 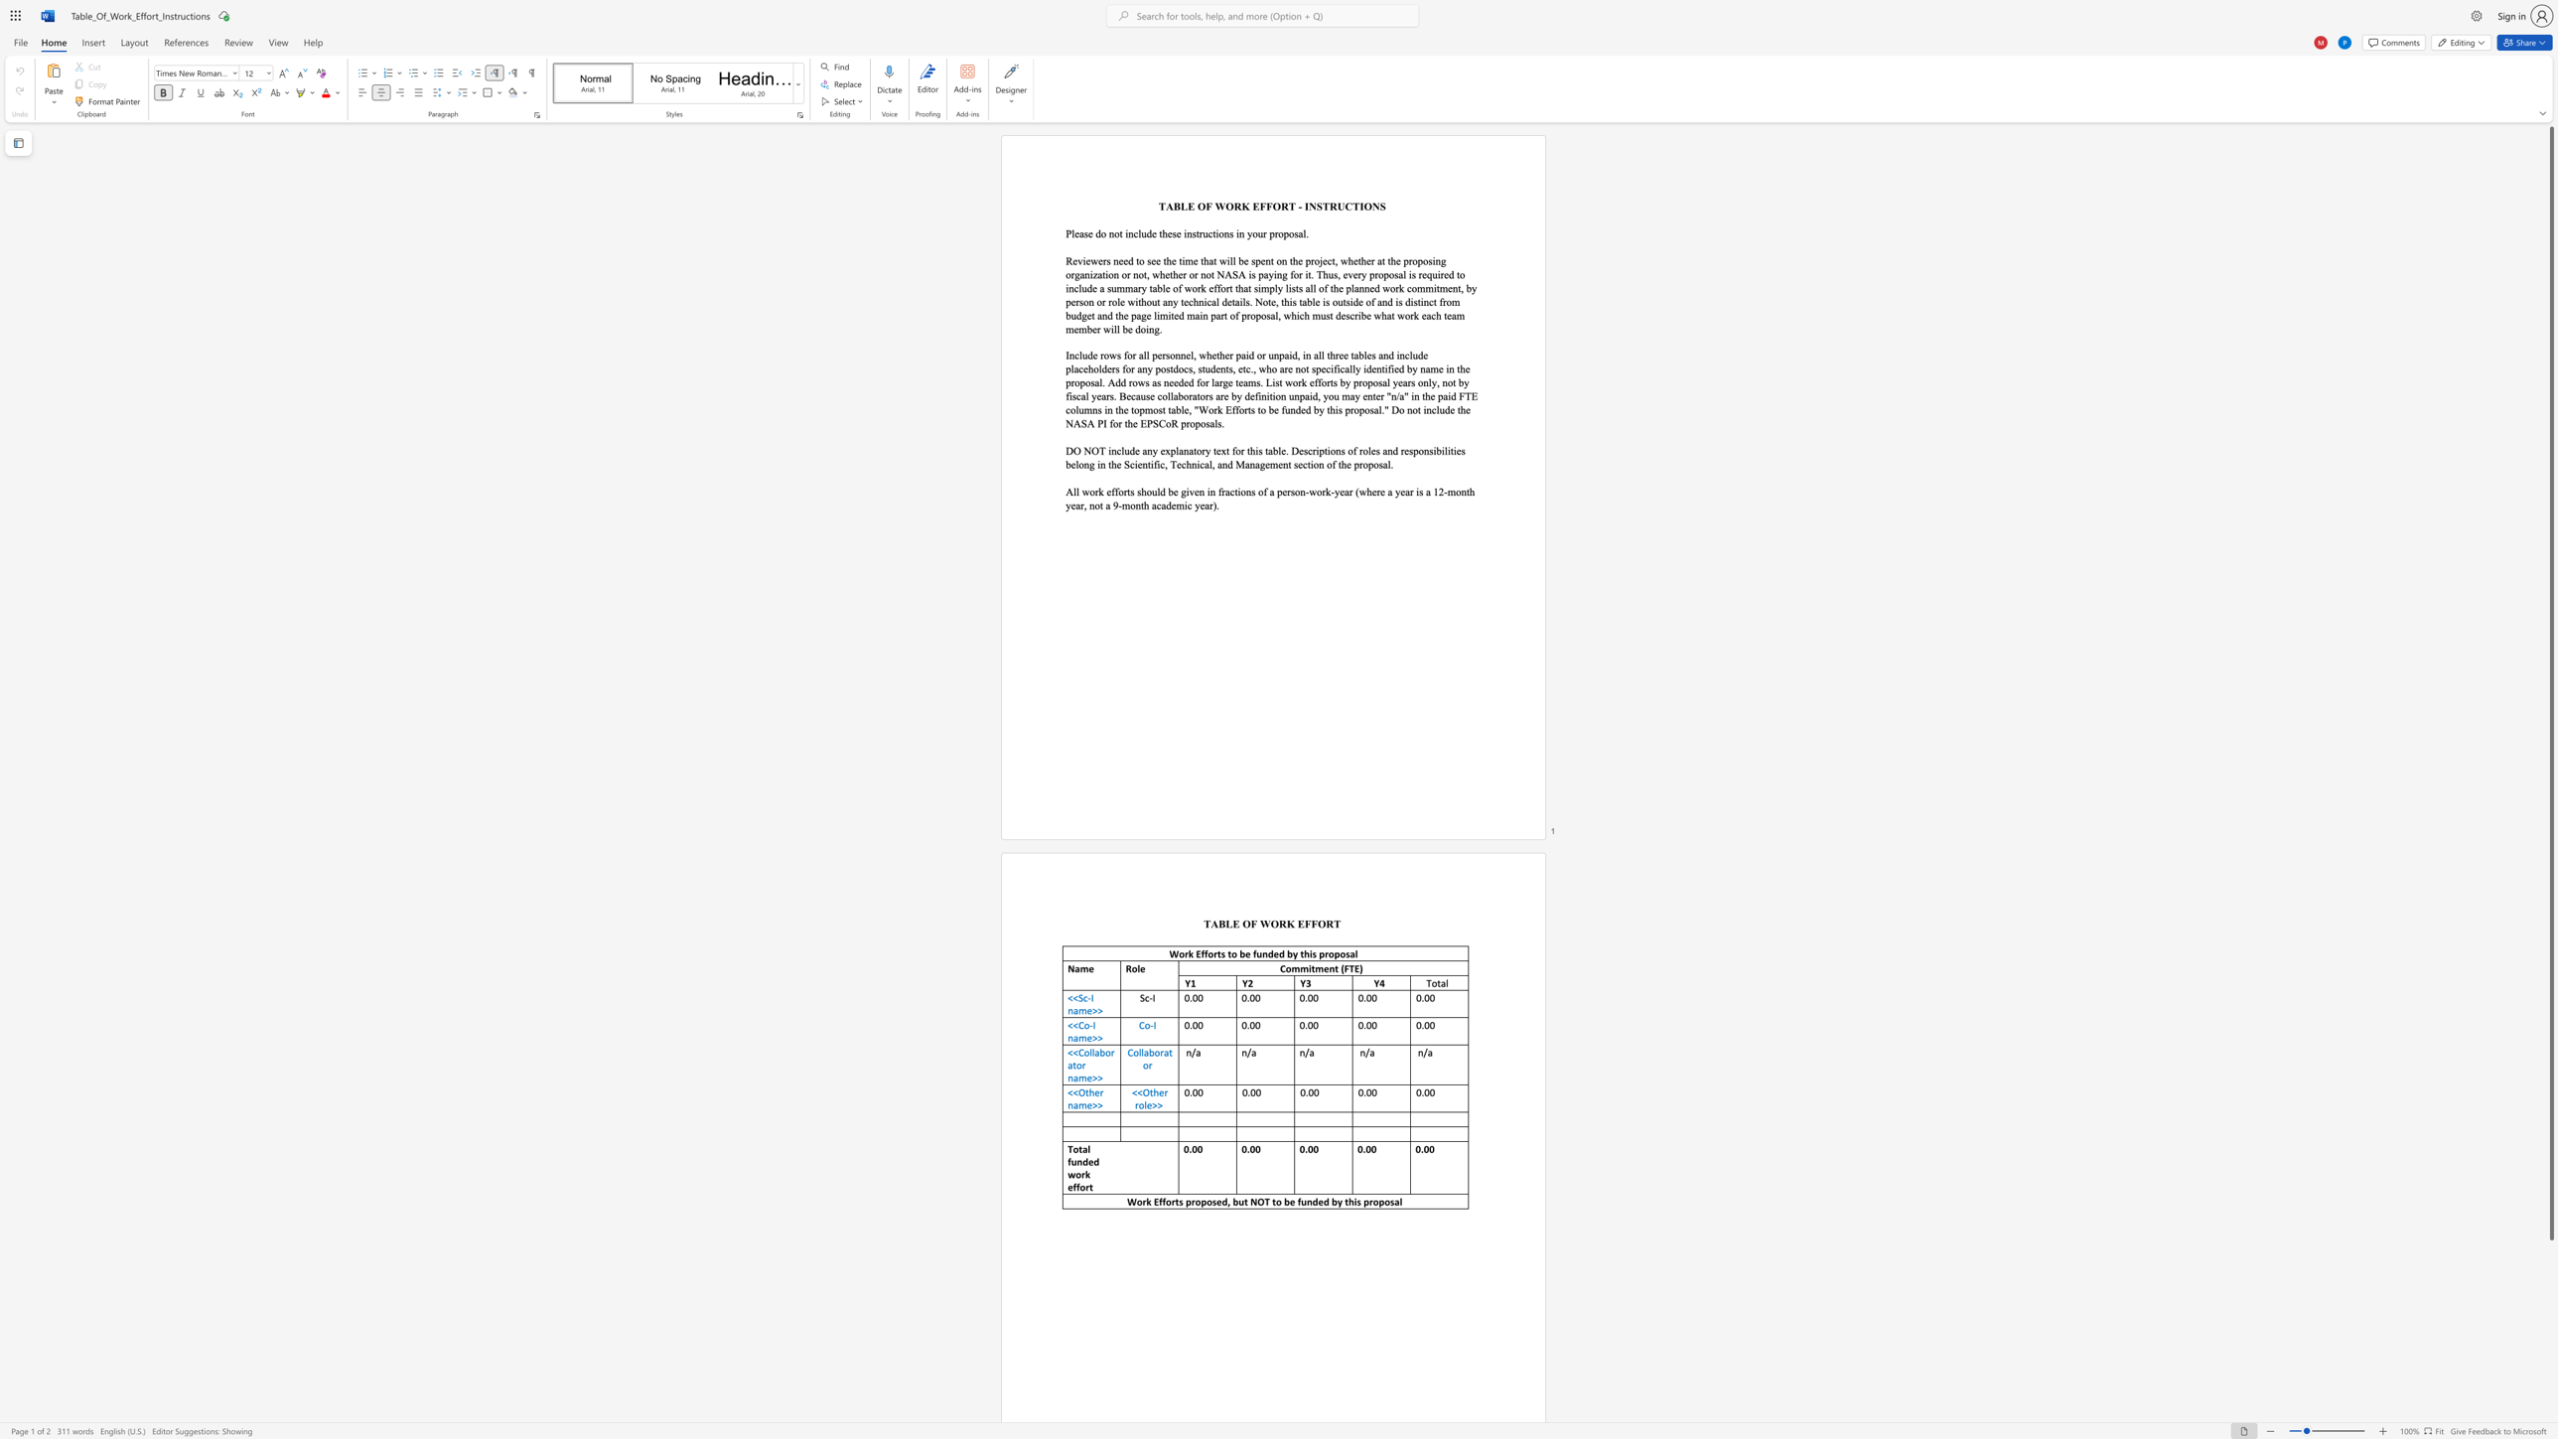 I want to click on the scrollbar to scroll the page down, so click(x=2550, y=1304).